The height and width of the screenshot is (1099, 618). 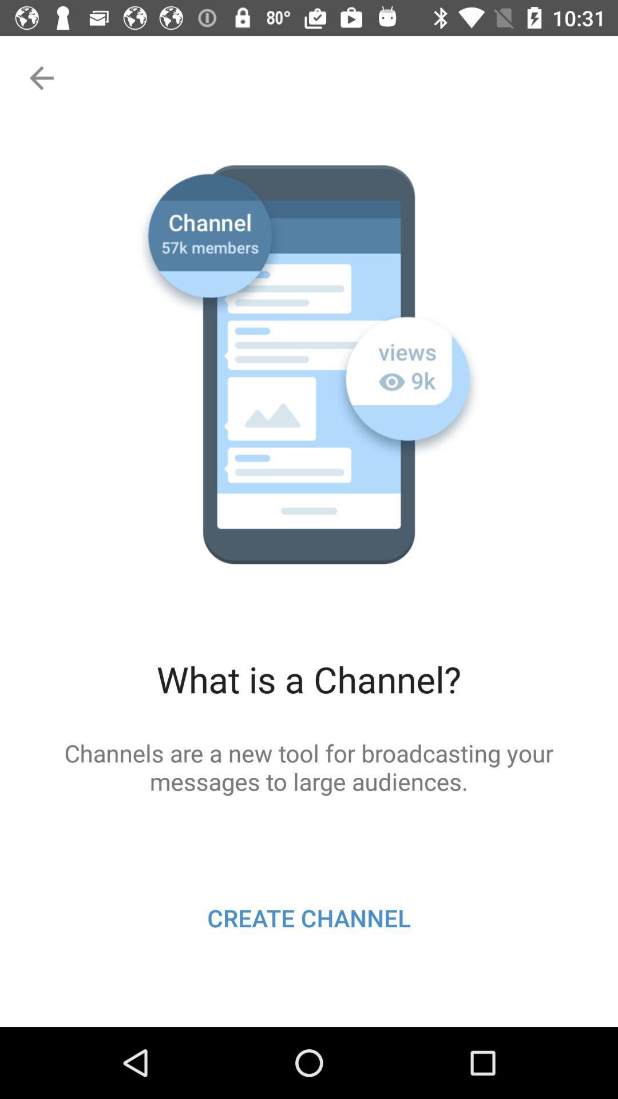 I want to click on go back, so click(x=39, y=77).